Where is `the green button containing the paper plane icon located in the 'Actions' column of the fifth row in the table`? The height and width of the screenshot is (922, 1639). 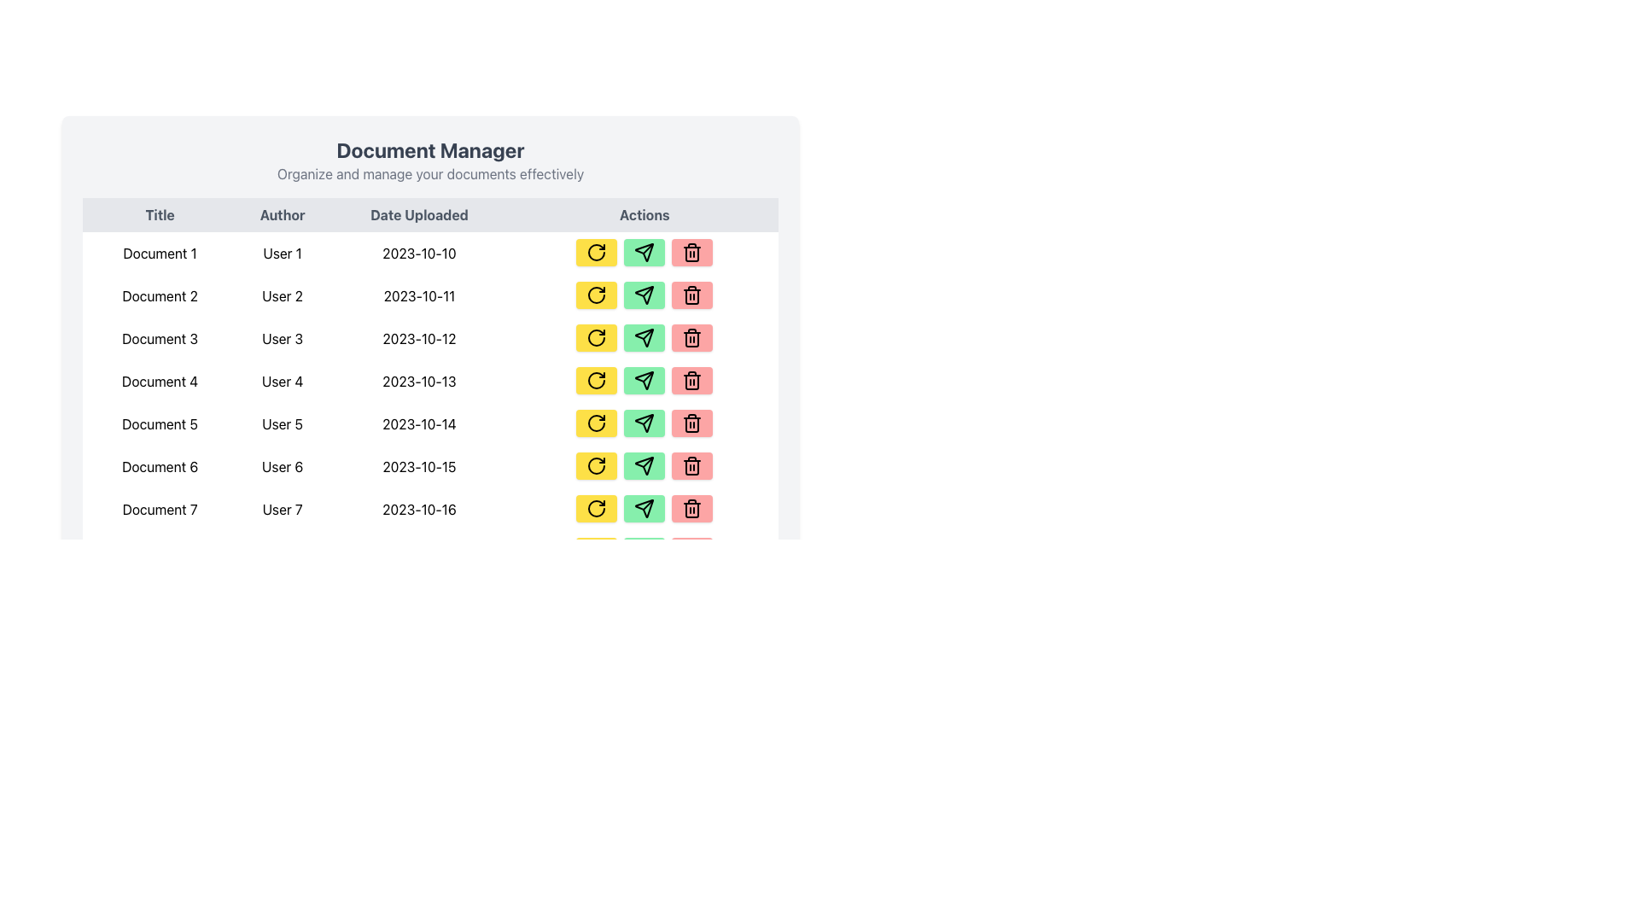 the green button containing the paper plane icon located in the 'Actions' column of the fifth row in the table is located at coordinates (647, 290).